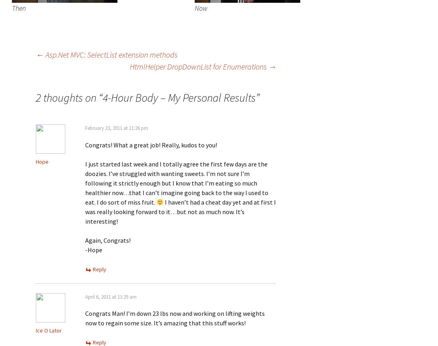 The width and height of the screenshot is (438, 346). What do you see at coordinates (100, 269) in the screenshot?
I see `'Reply'` at bounding box center [100, 269].